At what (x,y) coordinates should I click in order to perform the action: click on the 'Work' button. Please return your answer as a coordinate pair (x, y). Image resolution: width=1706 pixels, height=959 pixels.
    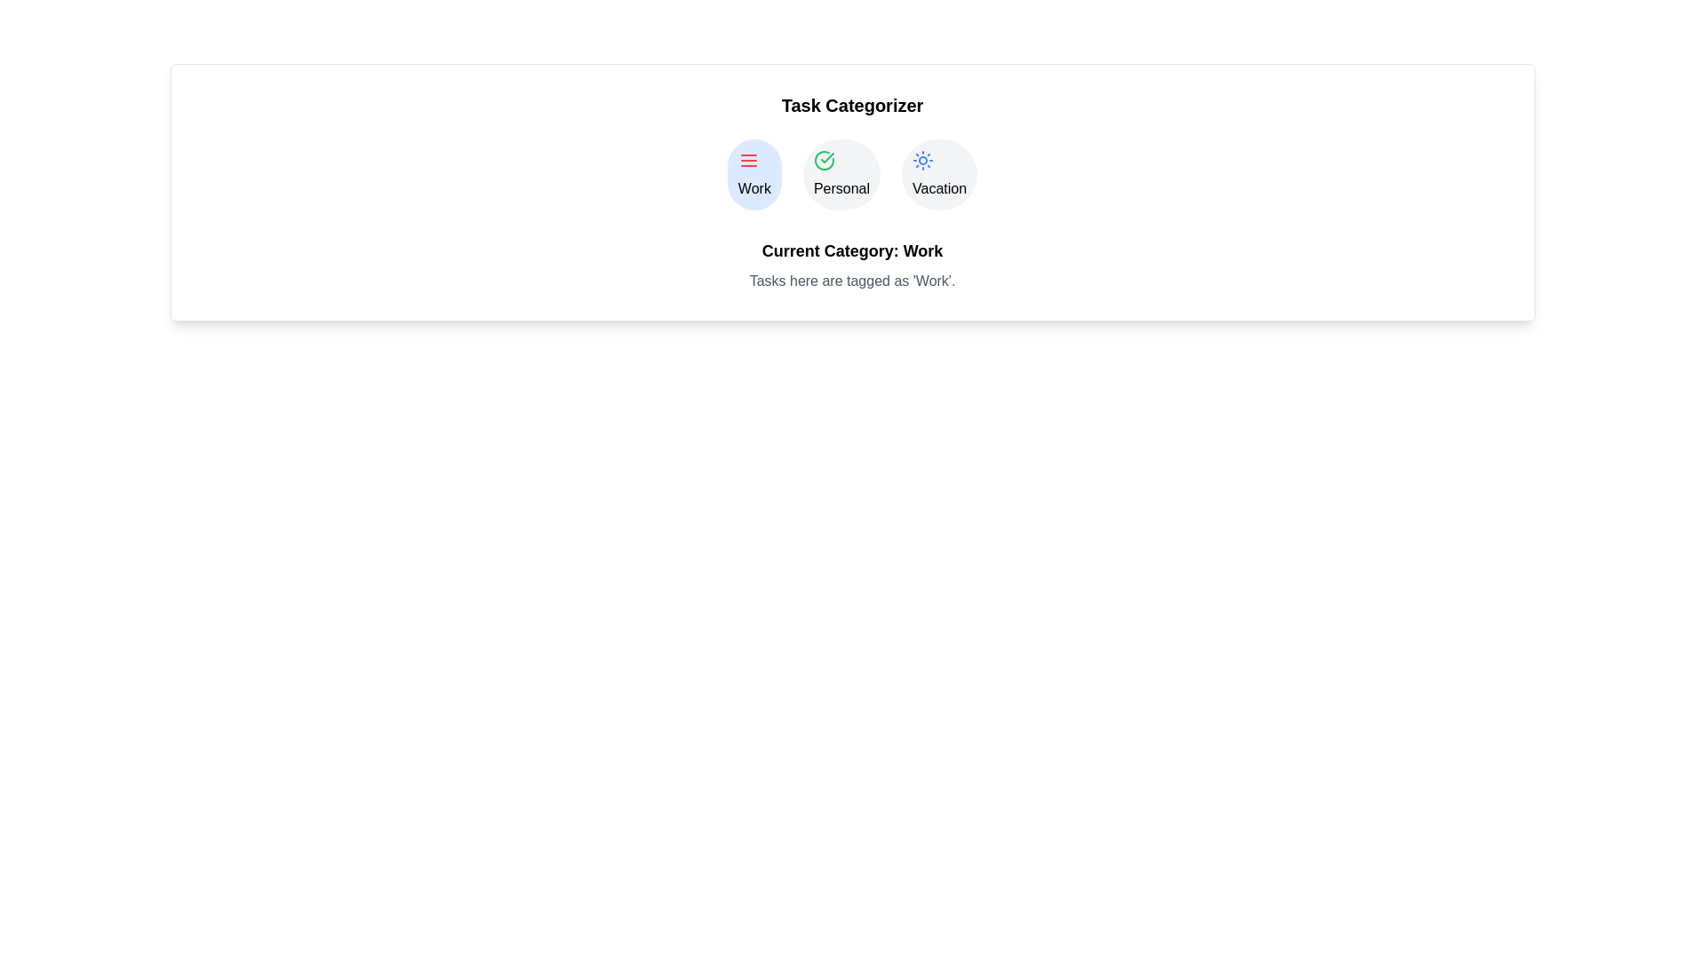
    Looking at the image, I should click on (754, 174).